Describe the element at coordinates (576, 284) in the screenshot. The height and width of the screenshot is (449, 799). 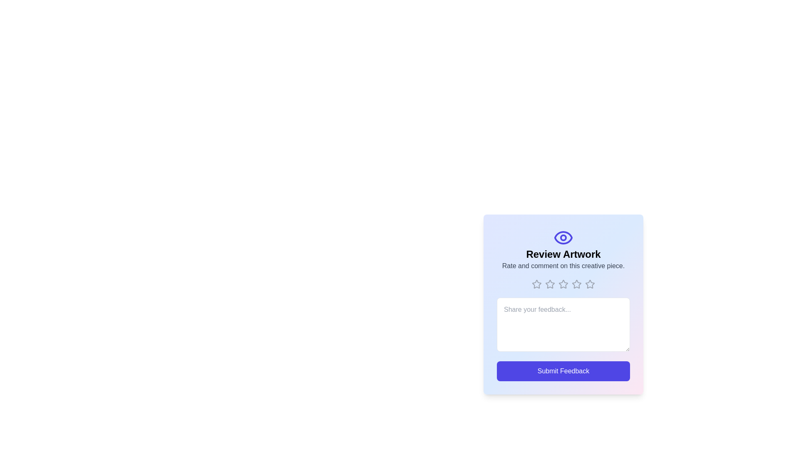
I see `the rating to 4 stars by clicking on the corresponding star` at that location.